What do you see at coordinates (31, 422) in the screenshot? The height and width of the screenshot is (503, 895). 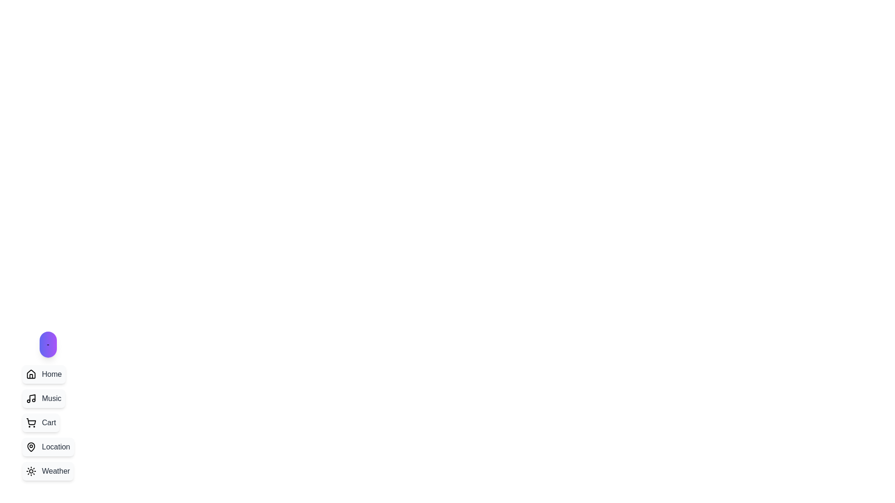 I see `the shopping cart icon located to the left of the 'Cart' text in the menu` at bounding box center [31, 422].